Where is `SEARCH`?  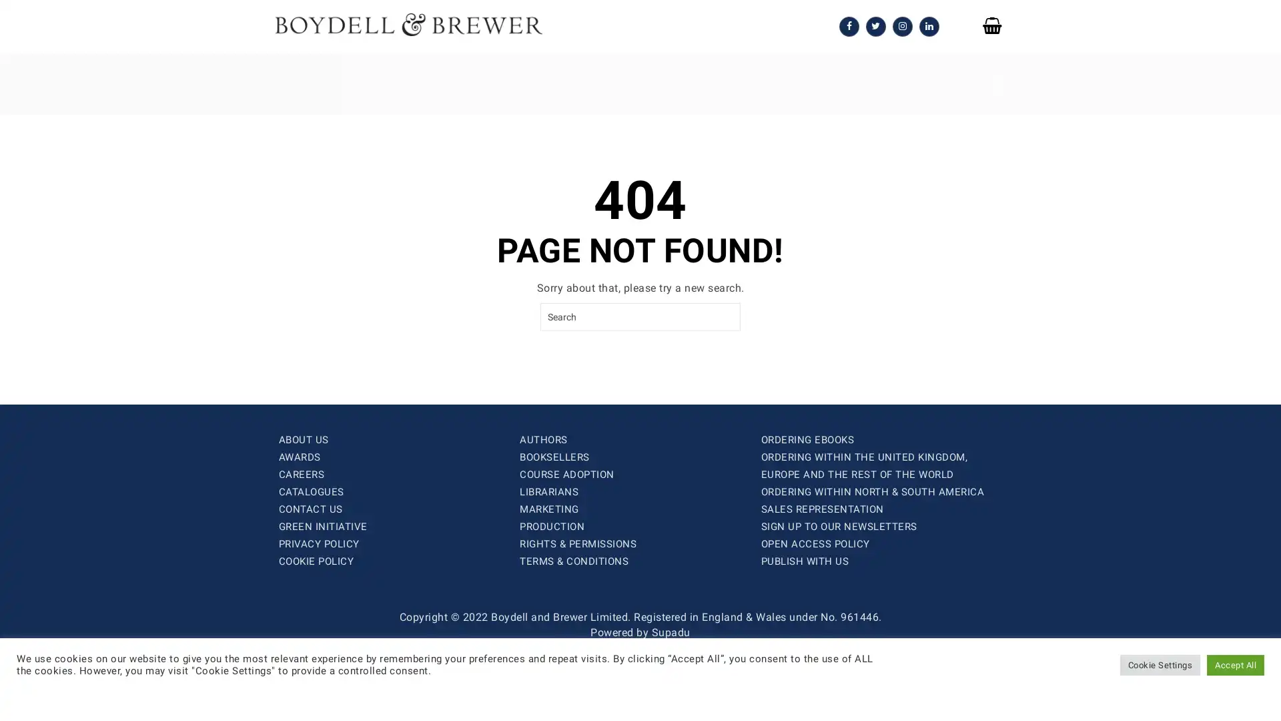
SEARCH is located at coordinates (967, 74).